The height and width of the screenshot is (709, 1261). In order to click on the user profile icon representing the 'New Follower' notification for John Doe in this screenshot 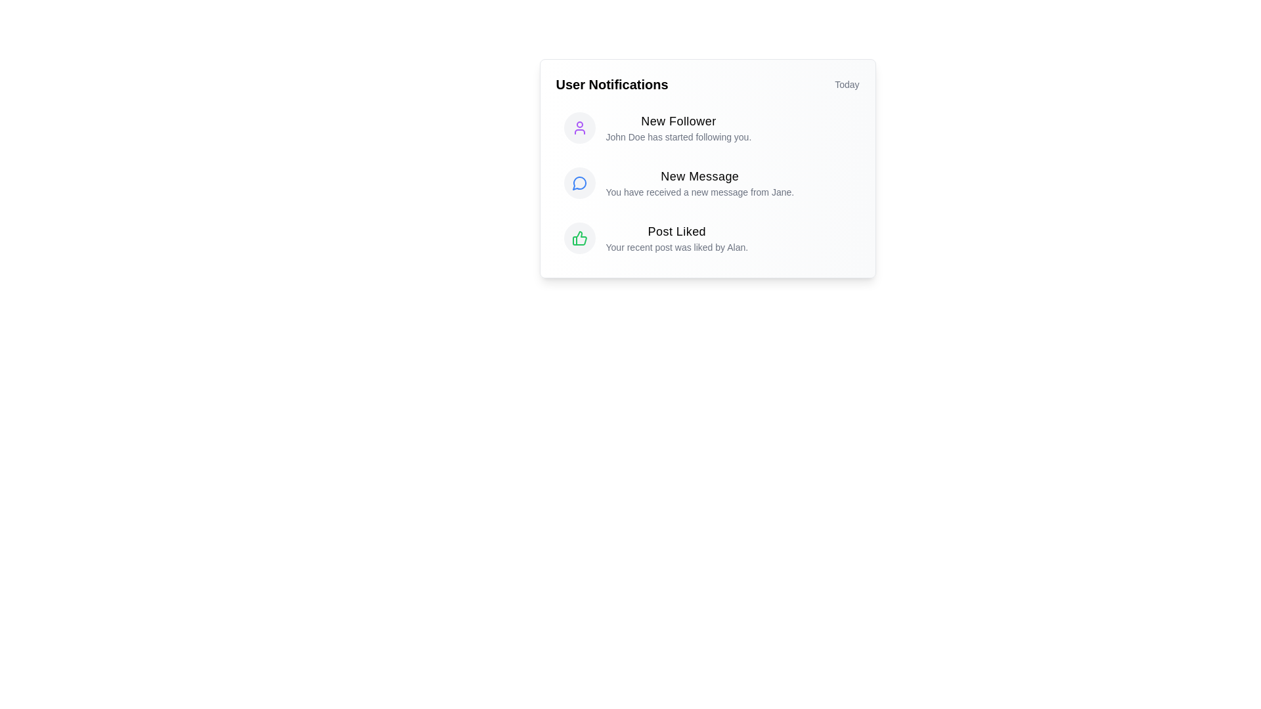, I will do `click(579, 128)`.